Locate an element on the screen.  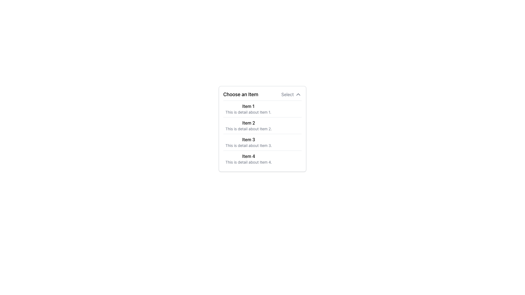
the Text Label that serves as a title for the specific item in the list, positioned below 'Item 1' and above 'Item 3' is located at coordinates (248, 123).